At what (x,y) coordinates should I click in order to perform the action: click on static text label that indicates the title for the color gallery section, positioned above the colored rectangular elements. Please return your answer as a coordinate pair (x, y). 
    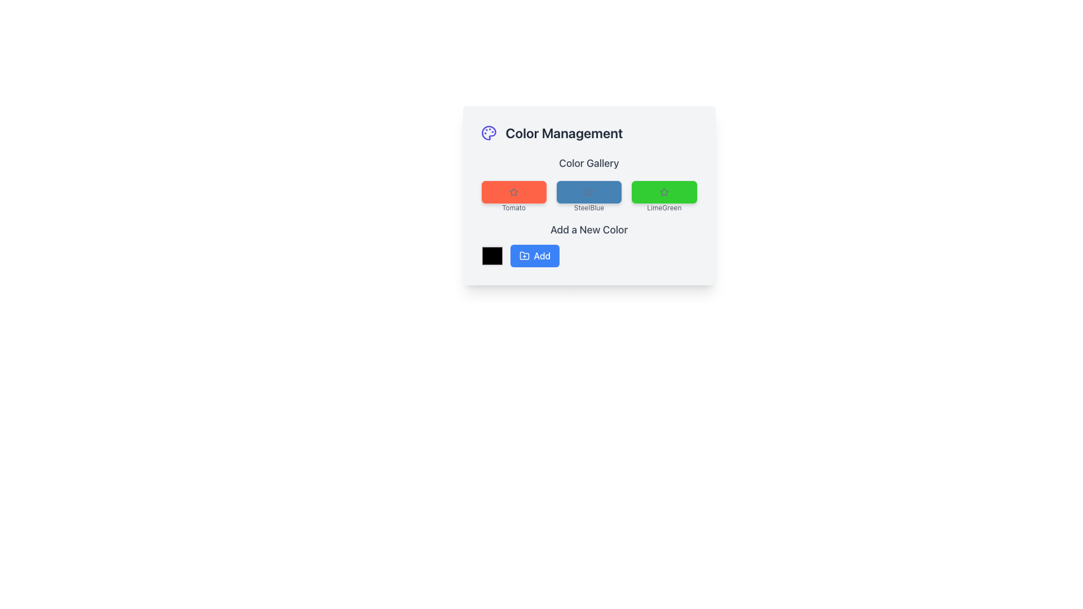
    Looking at the image, I should click on (588, 163).